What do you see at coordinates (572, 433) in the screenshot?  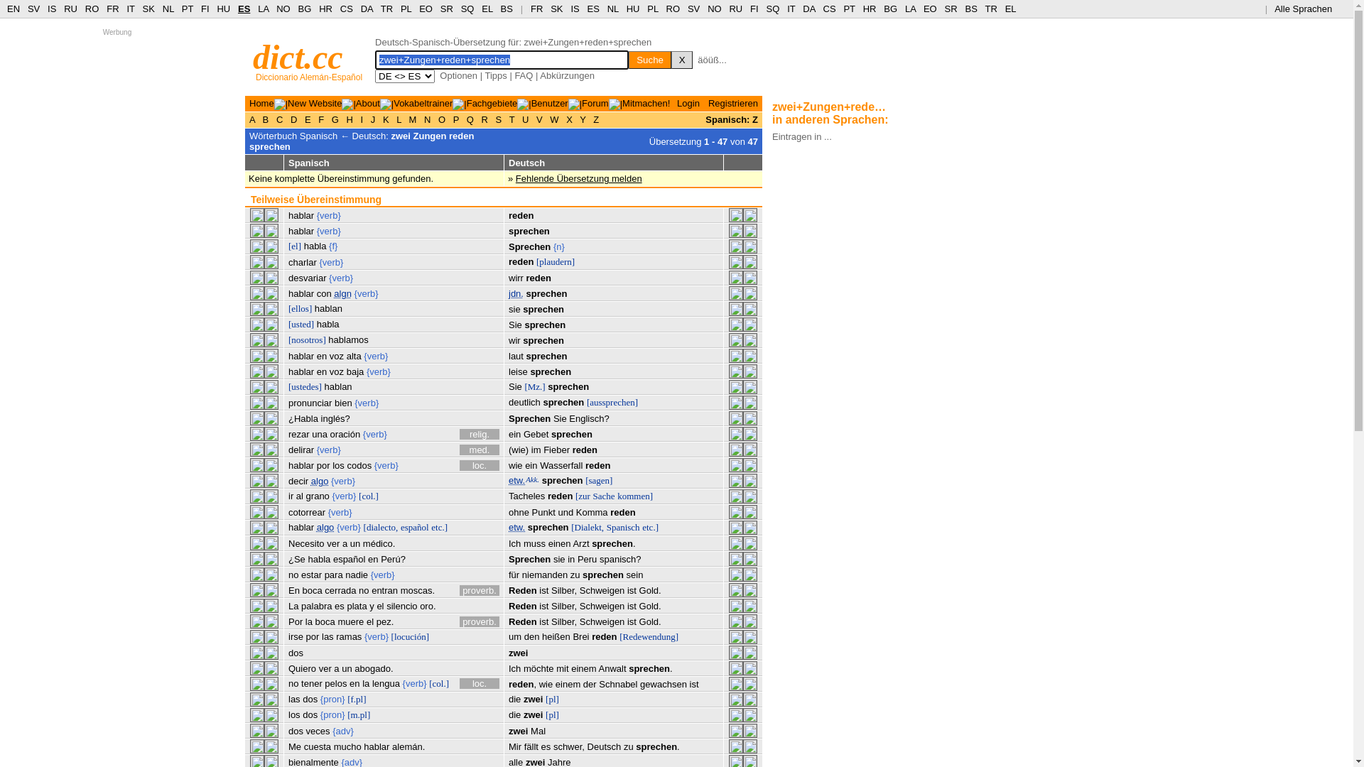 I see `'sprechen'` at bounding box center [572, 433].